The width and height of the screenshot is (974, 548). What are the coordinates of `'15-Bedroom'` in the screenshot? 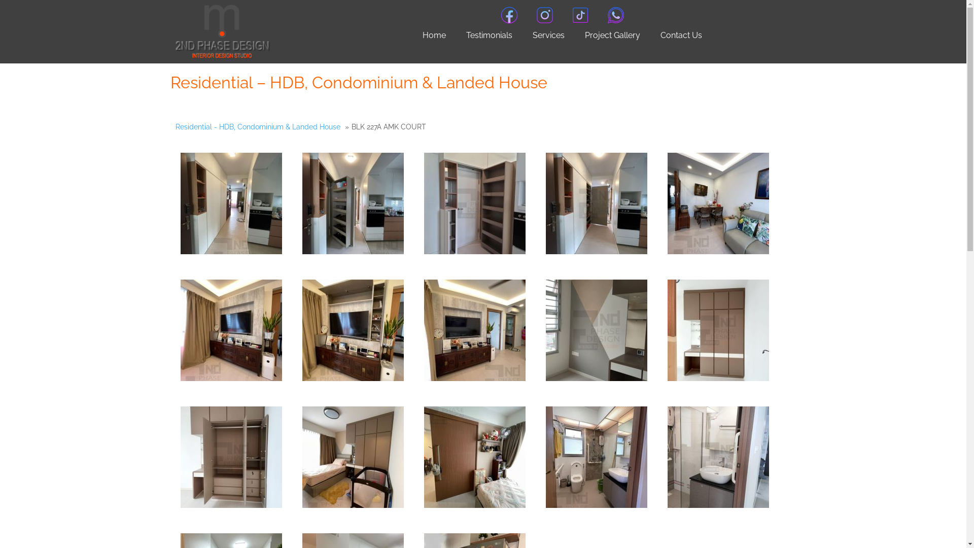 It's located at (301, 457).